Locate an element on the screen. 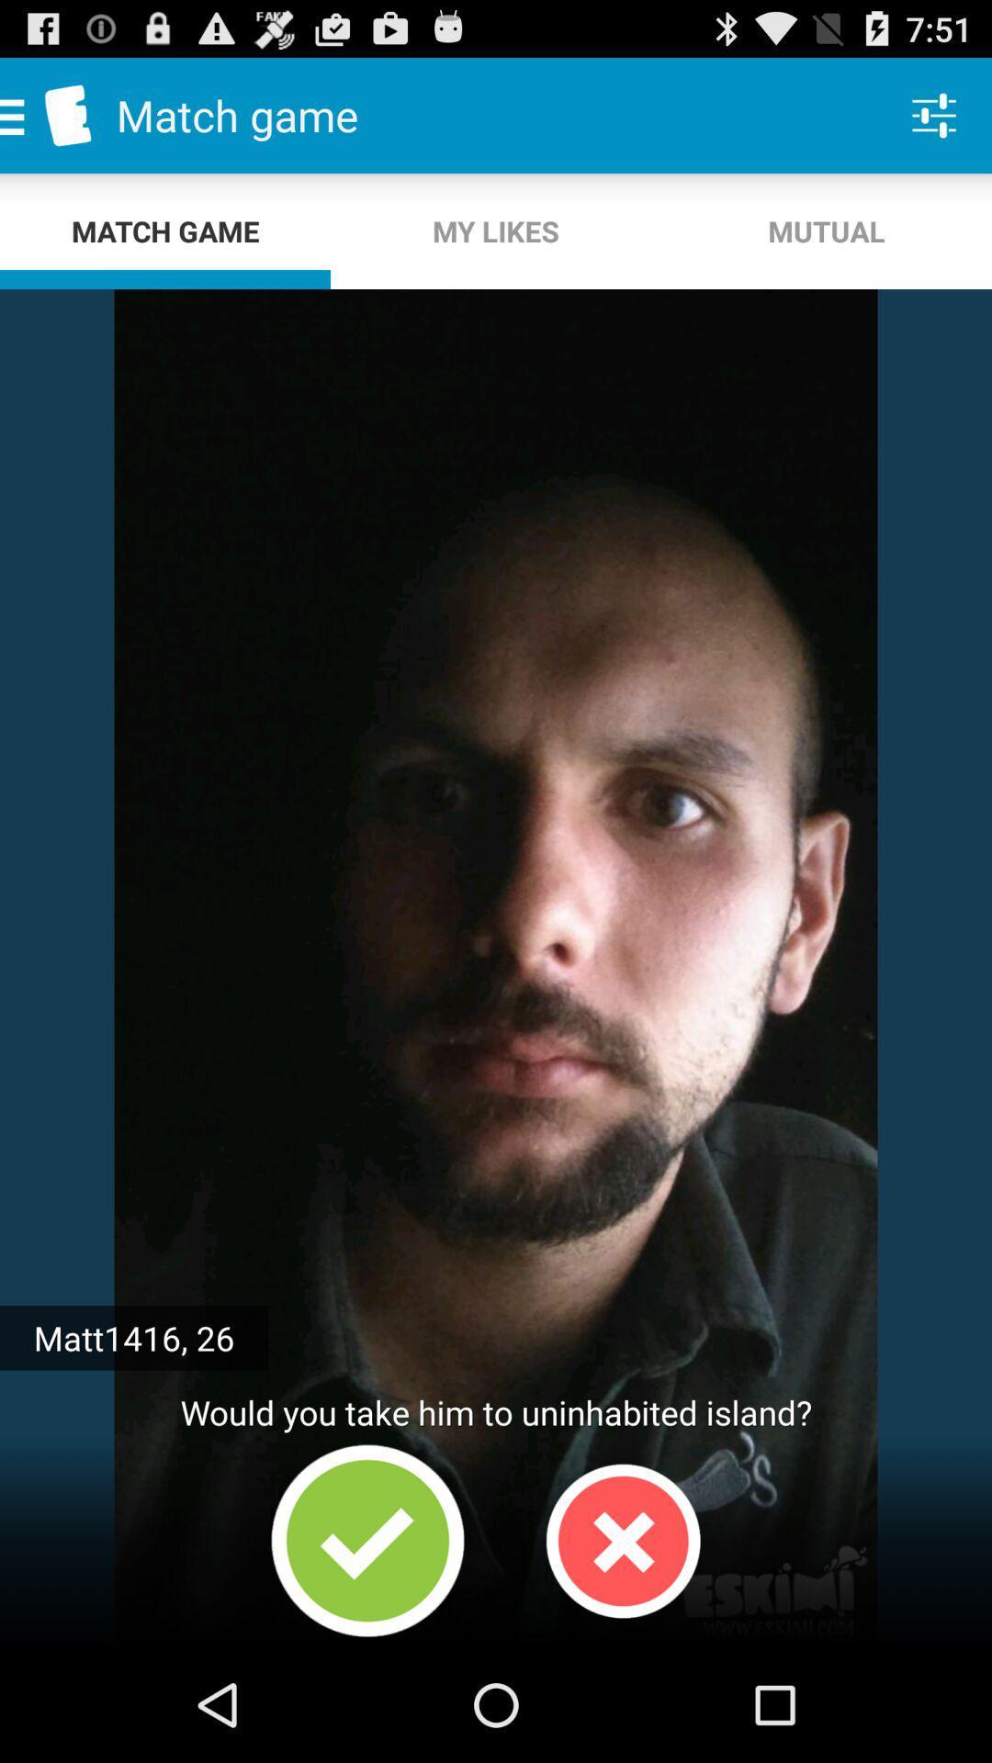 The height and width of the screenshot is (1763, 992). the icon next to my likes item is located at coordinates (934, 114).